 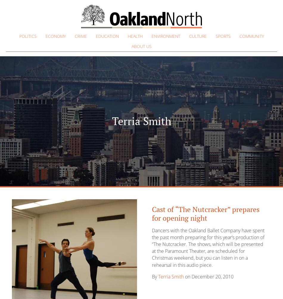 I want to click on 'on December 20, 2010', so click(x=184, y=276).